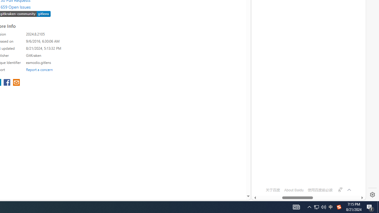  What do you see at coordinates (16, 83) in the screenshot?
I see `'share extension on email'` at bounding box center [16, 83].